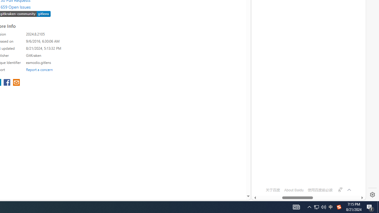  What do you see at coordinates (16, 83) in the screenshot?
I see `'share extension on email'` at bounding box center [16, 83].